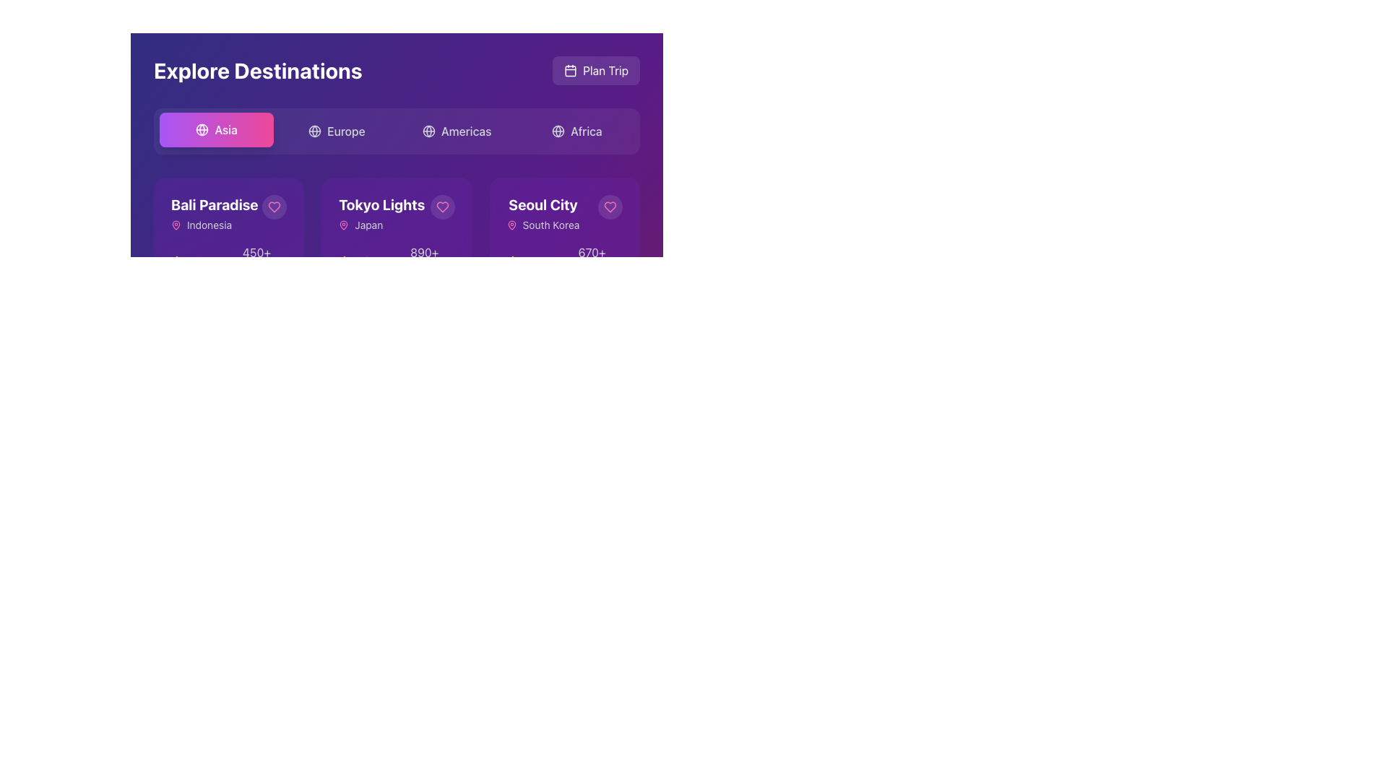 This screenshot has width=1387, height=780. I want to click on the Rating summary element displaying the rating and traveler count for the destination 'Seoul City South Korea', which is located below the title and above the features section, so click(563, 261).